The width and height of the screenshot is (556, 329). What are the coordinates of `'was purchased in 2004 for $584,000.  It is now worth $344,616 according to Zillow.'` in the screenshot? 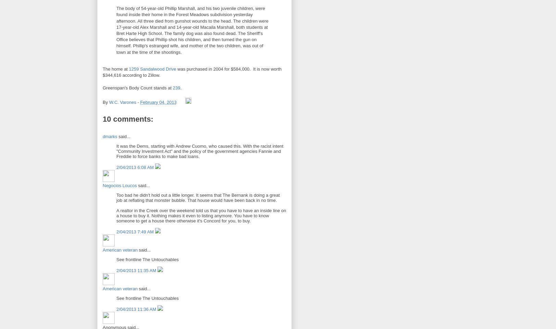 It's located at (192, 72).